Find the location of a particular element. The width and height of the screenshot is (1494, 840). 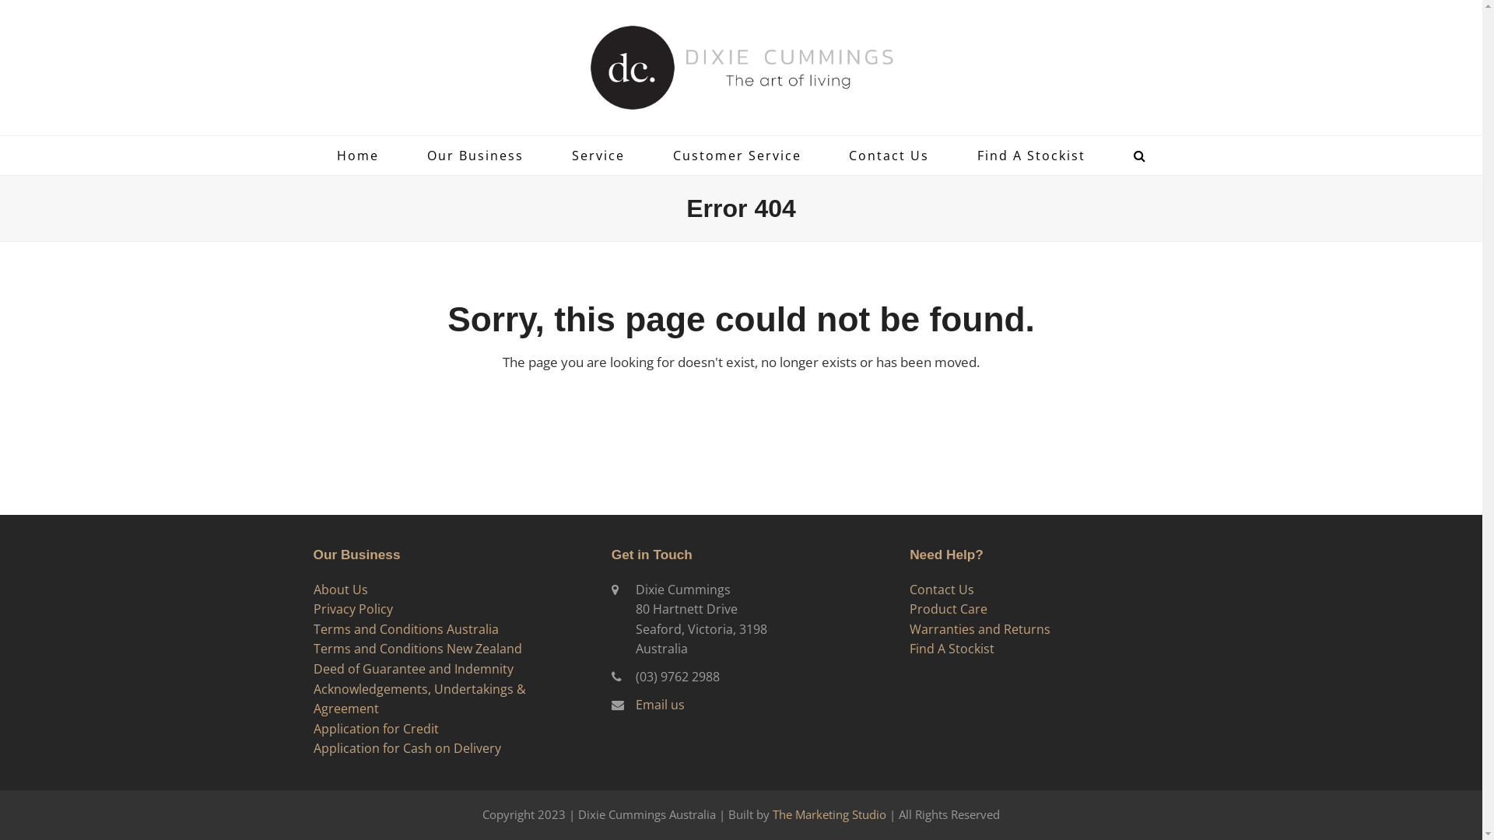

'Privacy Policy' is located at coordinates (312, 608).